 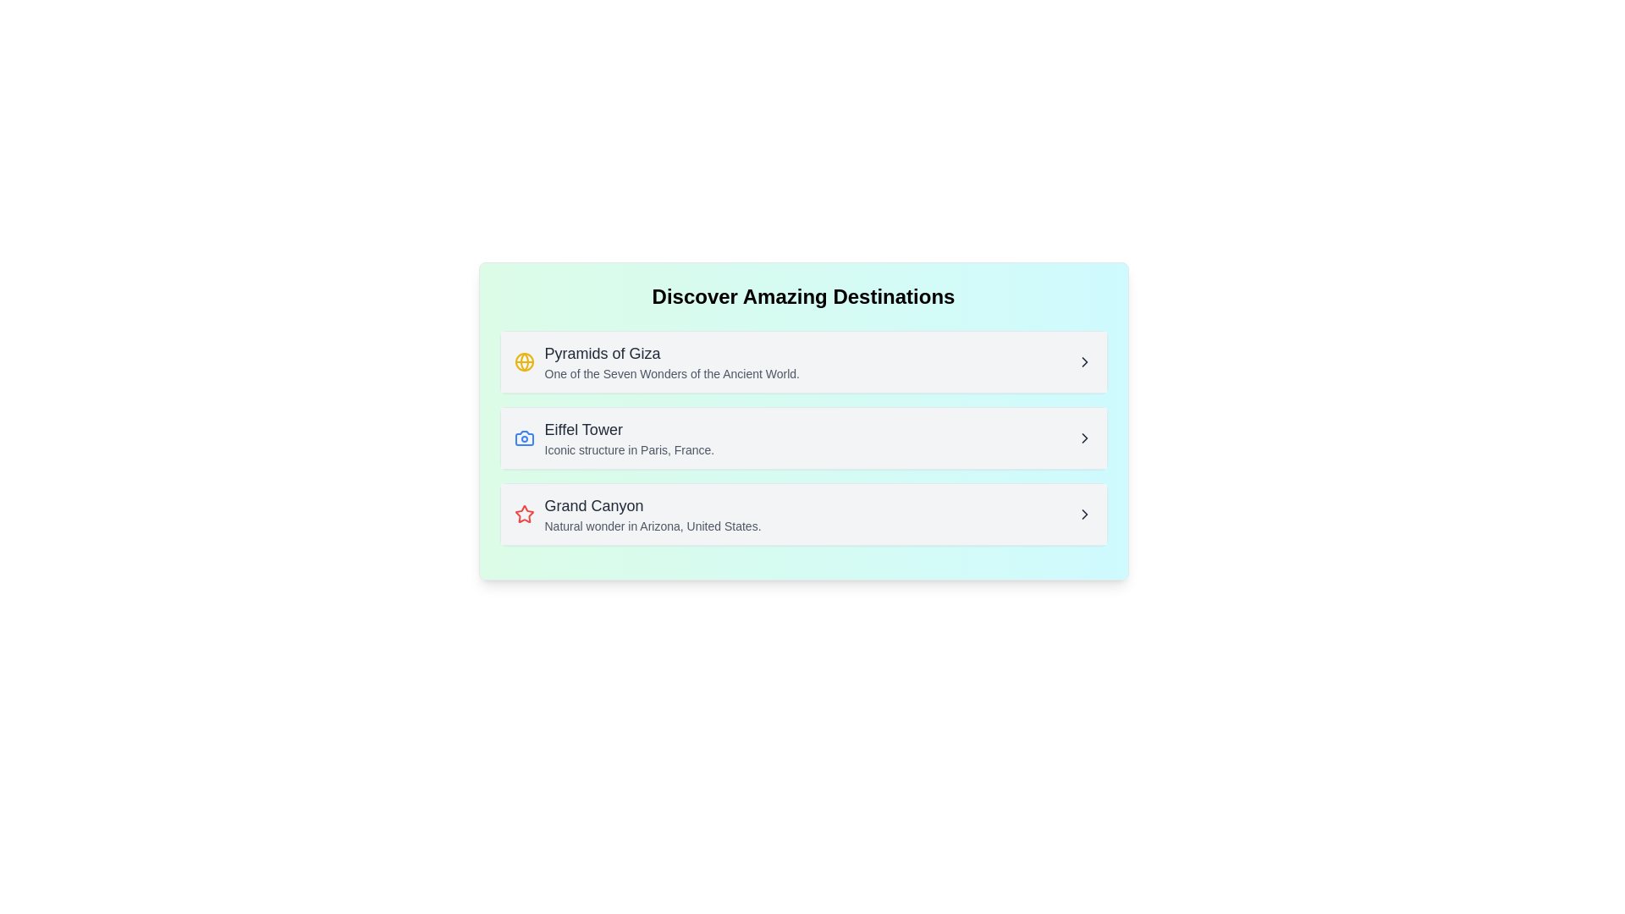 What do you see at coordinates (523, 514) in the screenshot?
I see `the decorative or category-indicative icon associated with 'Grand Canyon' located in the third row under 'Discover Amazing Destinations'` at bounding box center [523, 514].